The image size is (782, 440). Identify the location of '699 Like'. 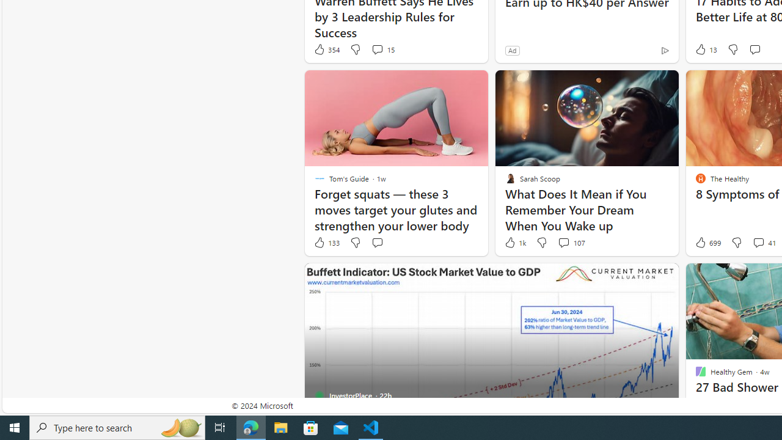
(707, 243).